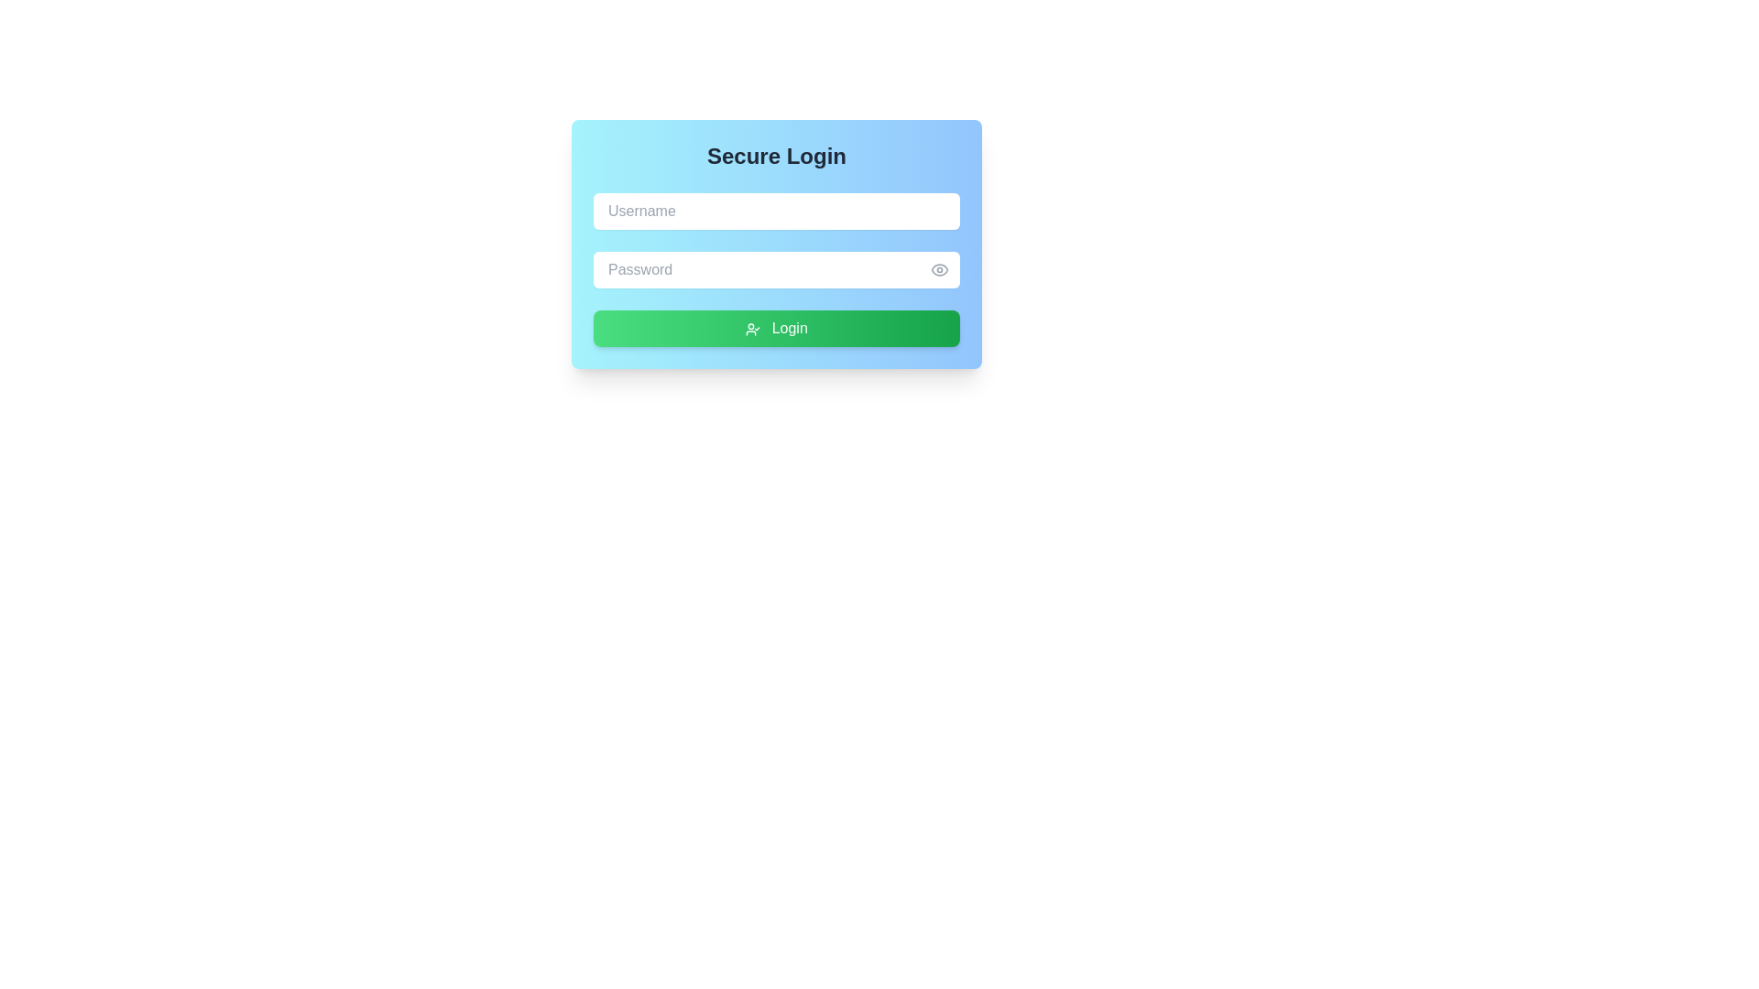  Describe the element at coordinates (940, 269) in the screenshot. I see `the eye-shaped icon button used for showing/hiding the password, located at the right end of the Password input field` at that location.